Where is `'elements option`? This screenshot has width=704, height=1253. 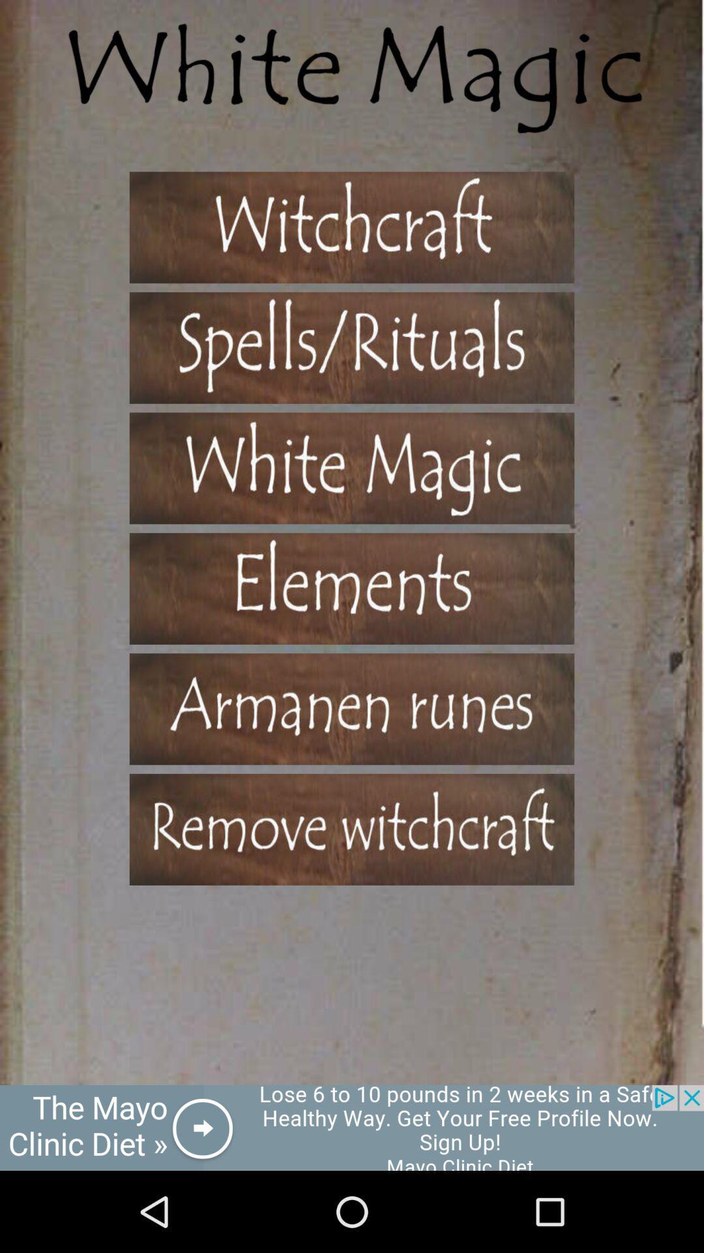 'elements option is located at coordinates (352, 588).